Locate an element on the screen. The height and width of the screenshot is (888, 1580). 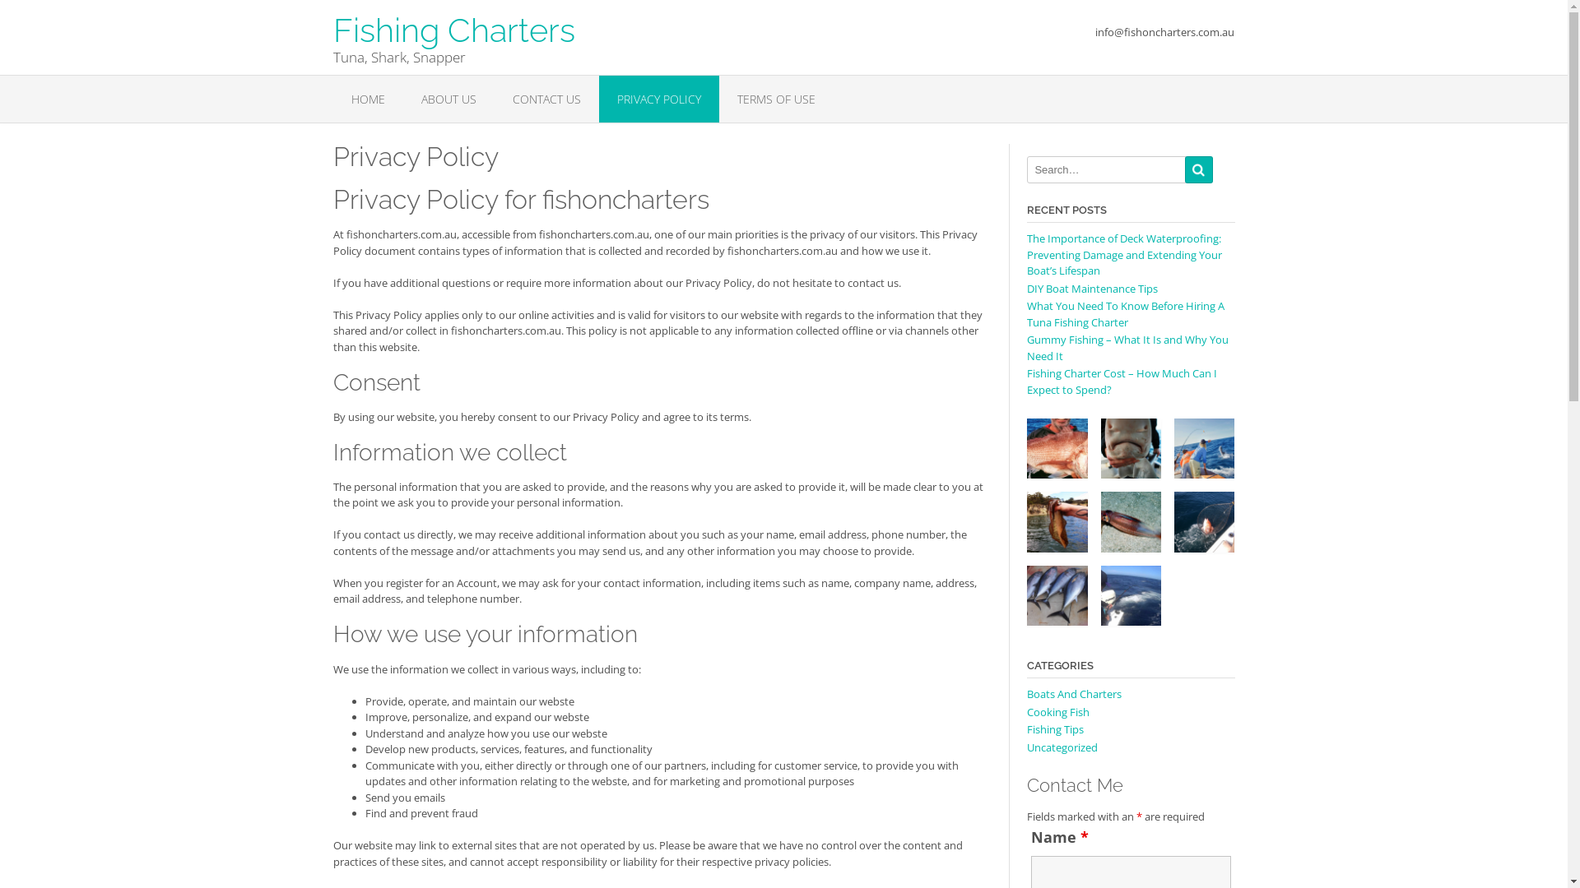
'DIY Boat Maintenance Tips' is located at coordinates (1026, 288).